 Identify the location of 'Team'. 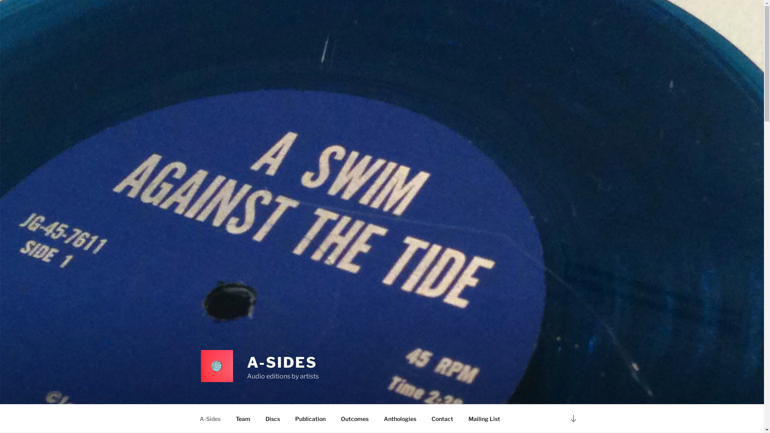
(228, 418).